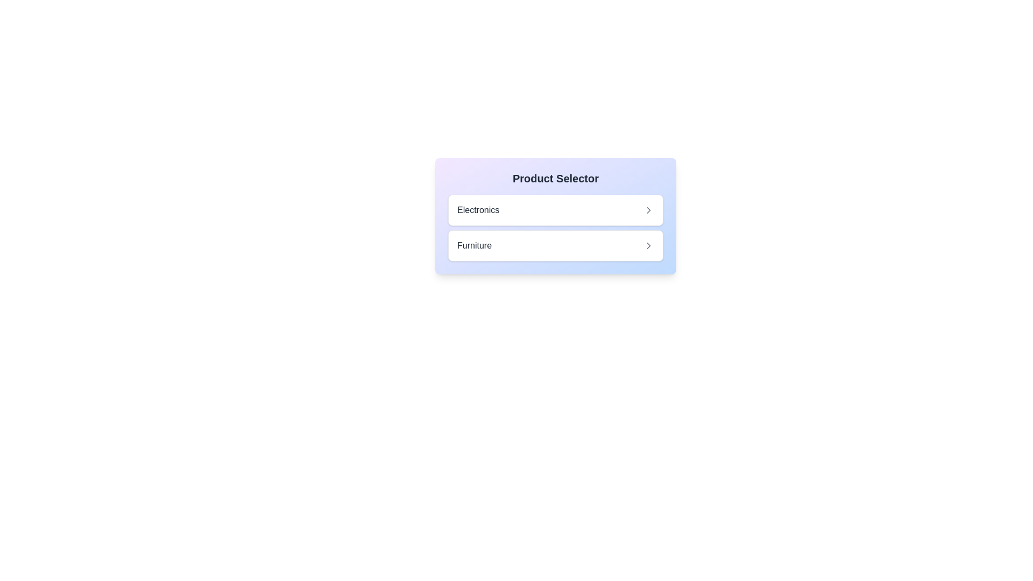 The height and width of the screenshot is (581, 1033). Describe the element at coordinates (648, 210) in the screenshot. I see `the rightward-pointing chevron arrow icon located at the far right of the 'Electronics' dropdown option` at that location.